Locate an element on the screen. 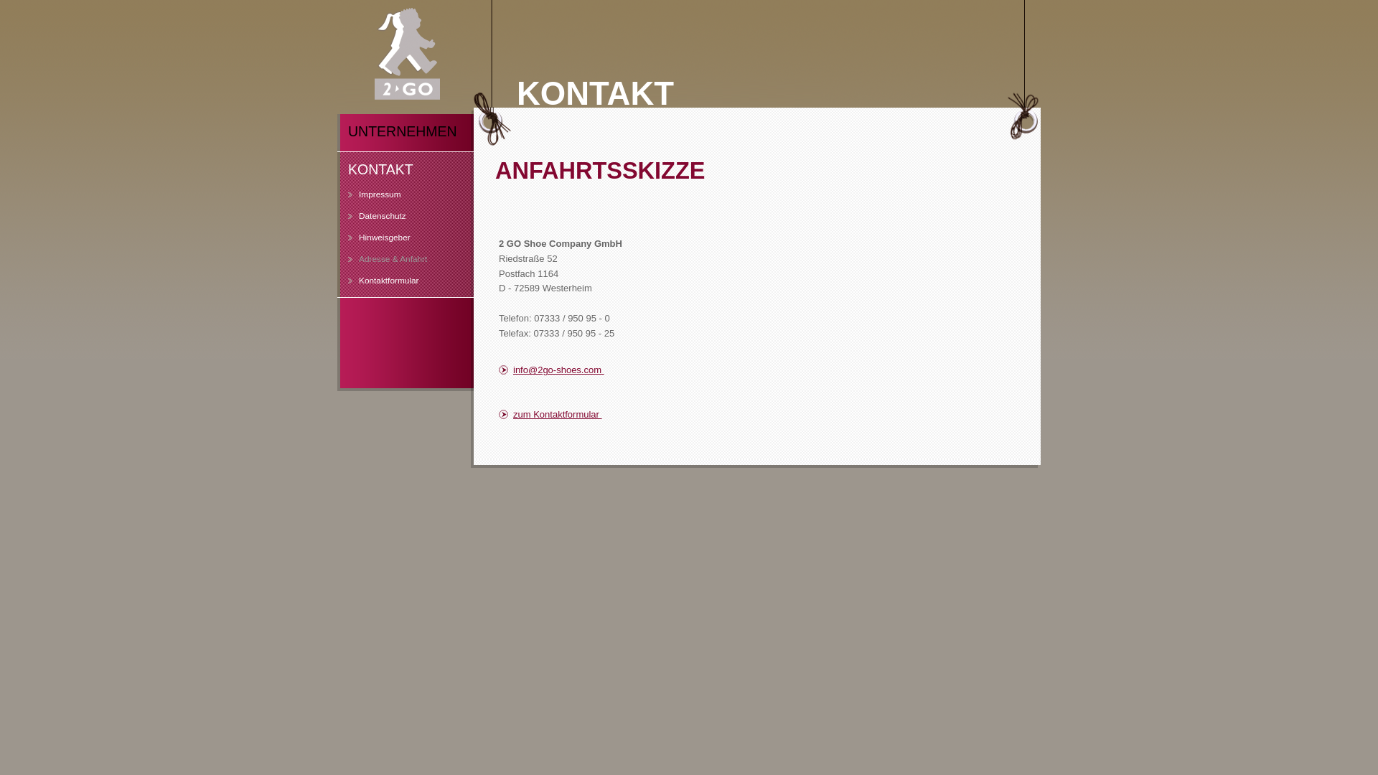 The image size is (1378, 775). 'KONTAKT' is located at coordinates (405, 170).